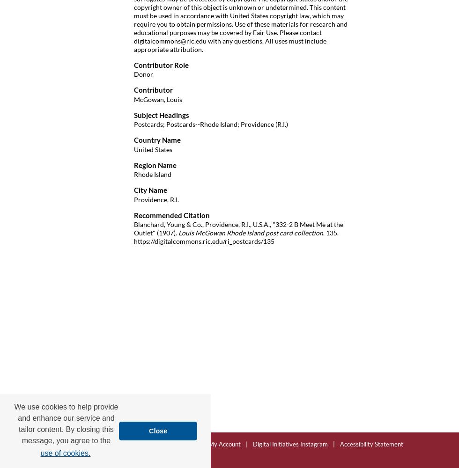  Describe the element at coordinates (158, 98) in the screenshot. I see `'McGowan, Louis'` at that location.